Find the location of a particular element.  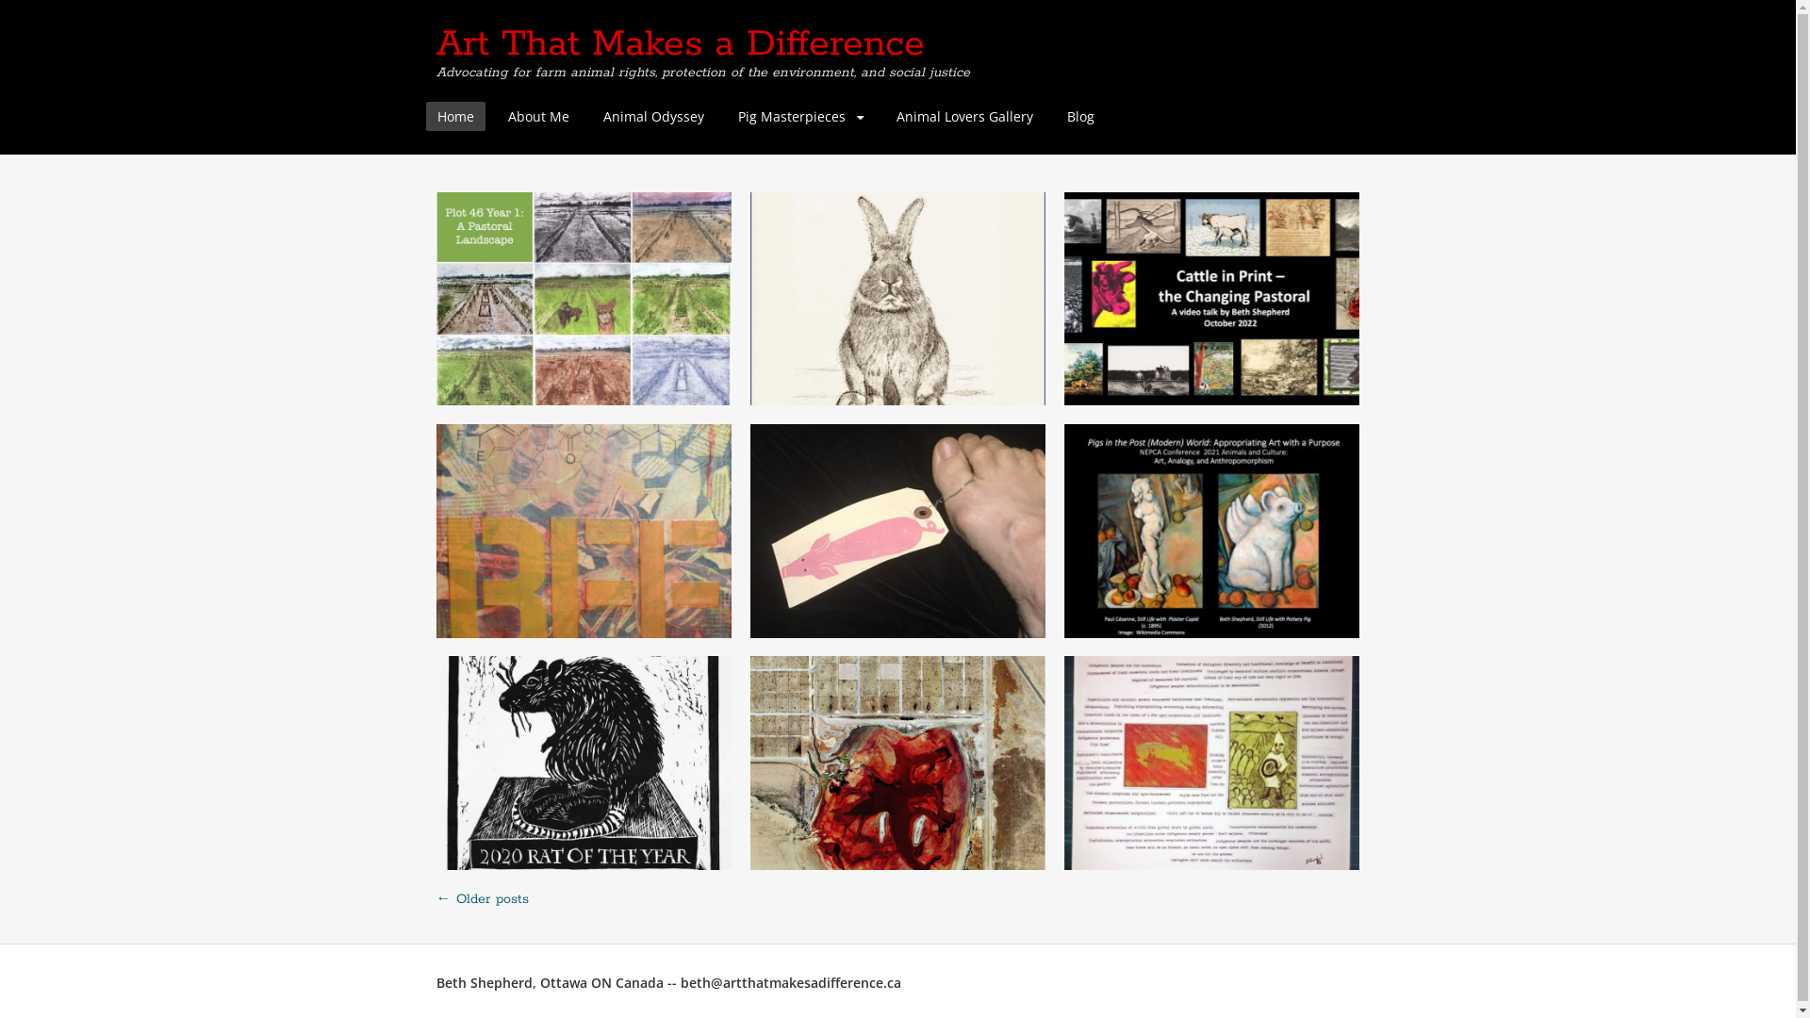

'Art That Makes a Difference' is located at coordinates (679, 42).